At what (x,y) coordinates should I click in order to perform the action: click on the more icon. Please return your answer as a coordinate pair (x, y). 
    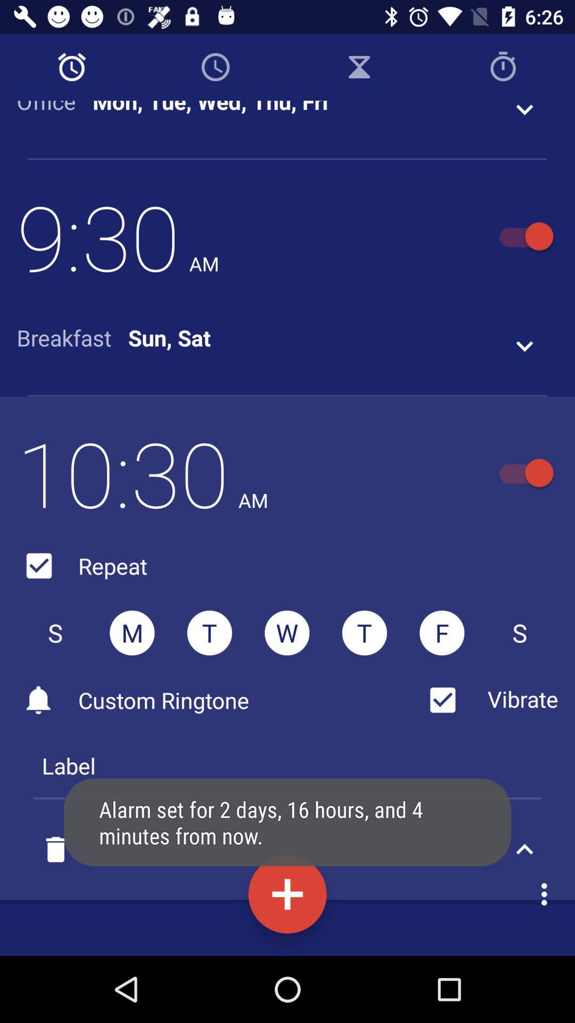
    Looking at the image, I should click on (547, 894).